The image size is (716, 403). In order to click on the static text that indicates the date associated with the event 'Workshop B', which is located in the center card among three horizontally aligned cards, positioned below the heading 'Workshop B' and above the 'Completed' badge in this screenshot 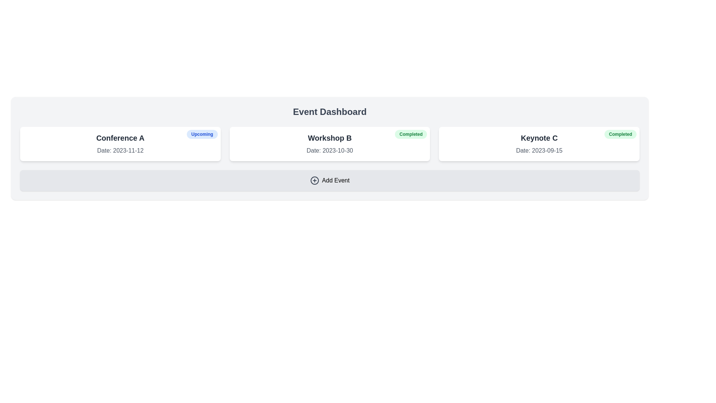, I will do `click(329, 151)`.